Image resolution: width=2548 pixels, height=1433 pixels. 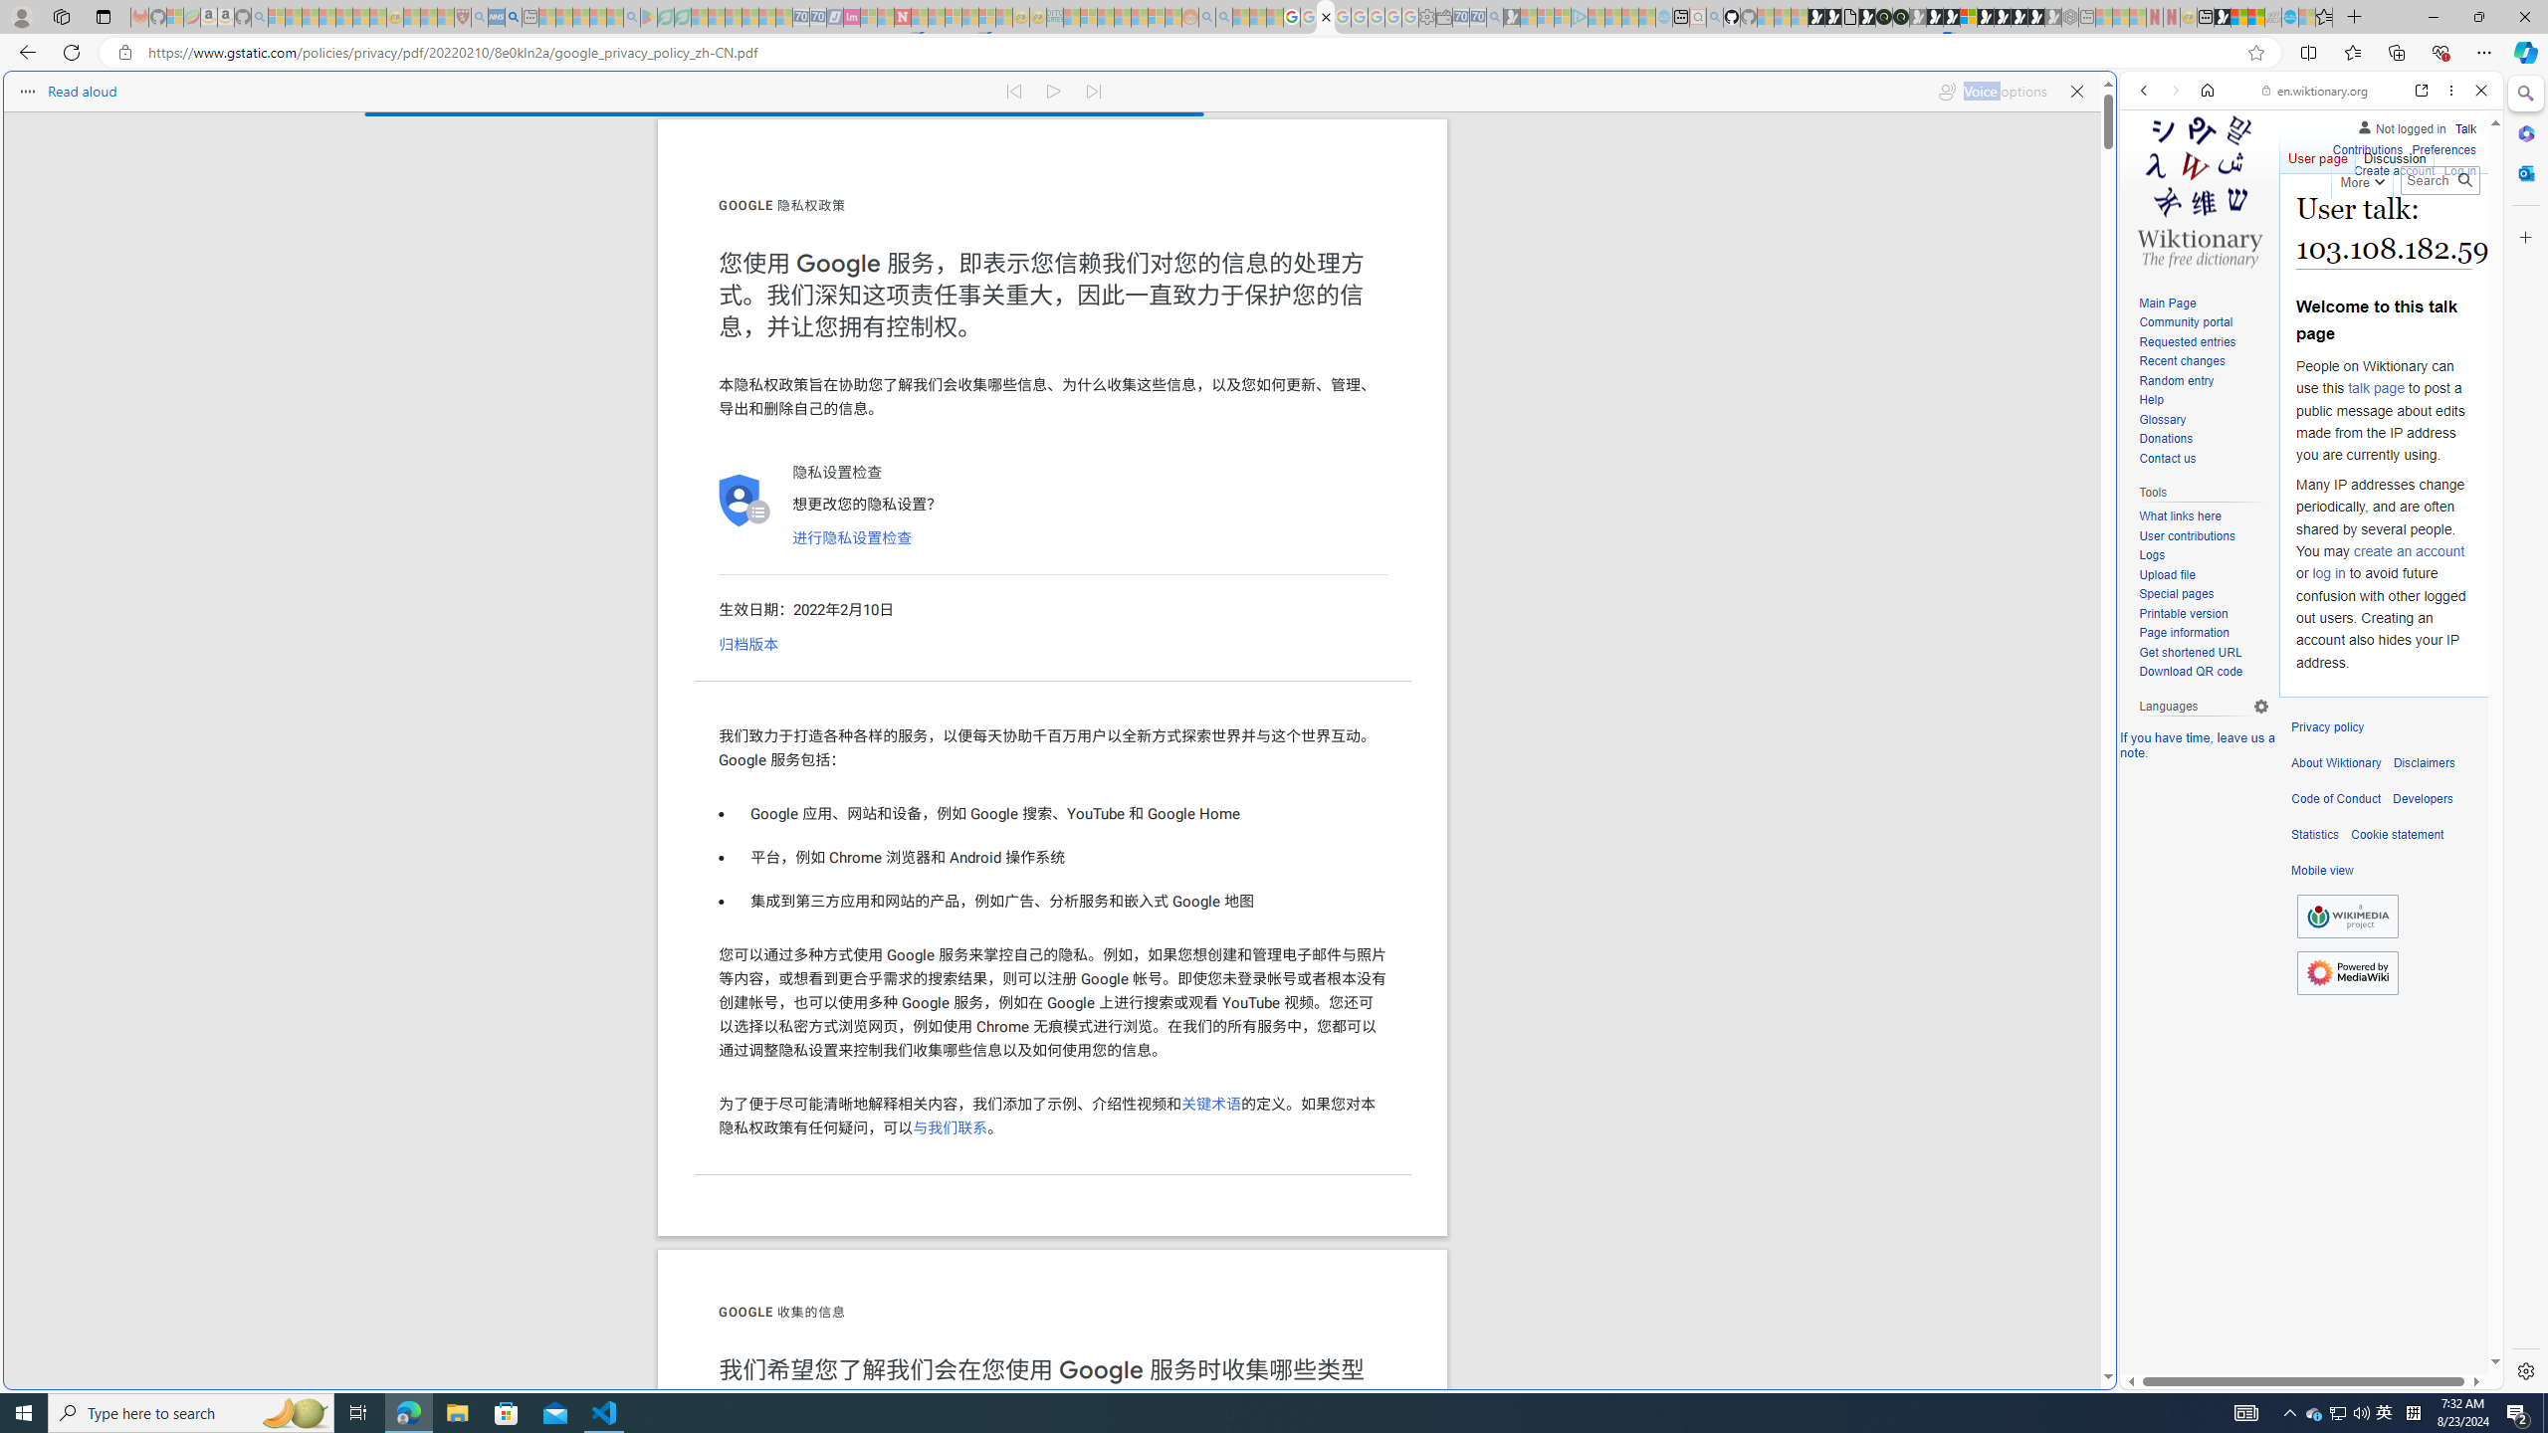 I want to click on 'Pets - MSN - Sleeping', so click(x=596, y=16).